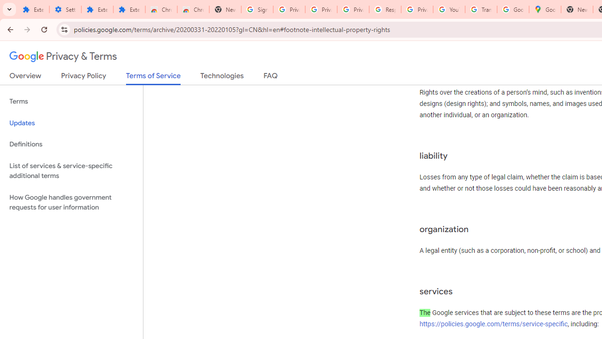  Describe the element at coordinates (193, 9) in the screenshot. I see `'Chrome Web Store - Themes'` at that location.